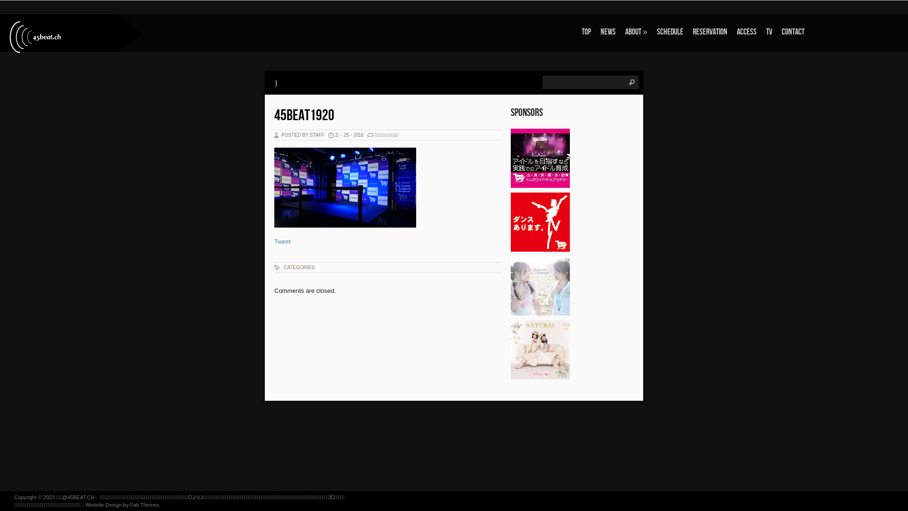 The height and width of the screenshot is (511, 908). What do you see at coordinates (282, 240) in the screenshot?
I see `'Tweet'` at bounding box center [282, 240].